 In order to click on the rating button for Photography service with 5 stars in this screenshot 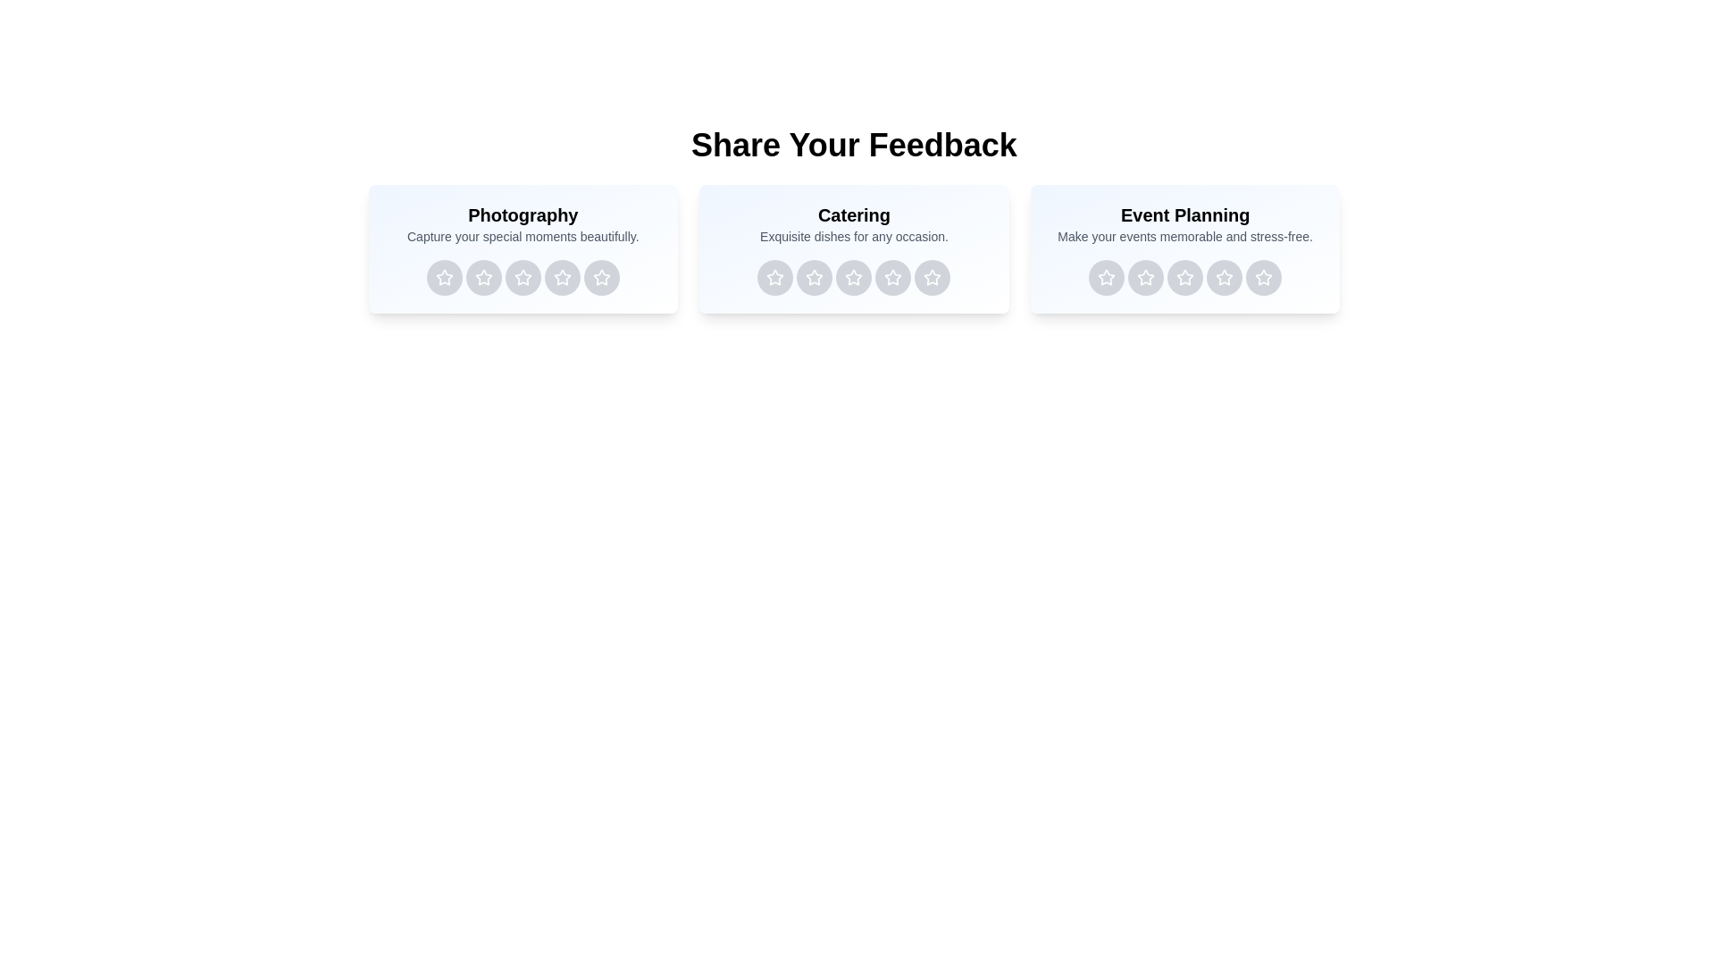, I will do `click(600, 278)`.